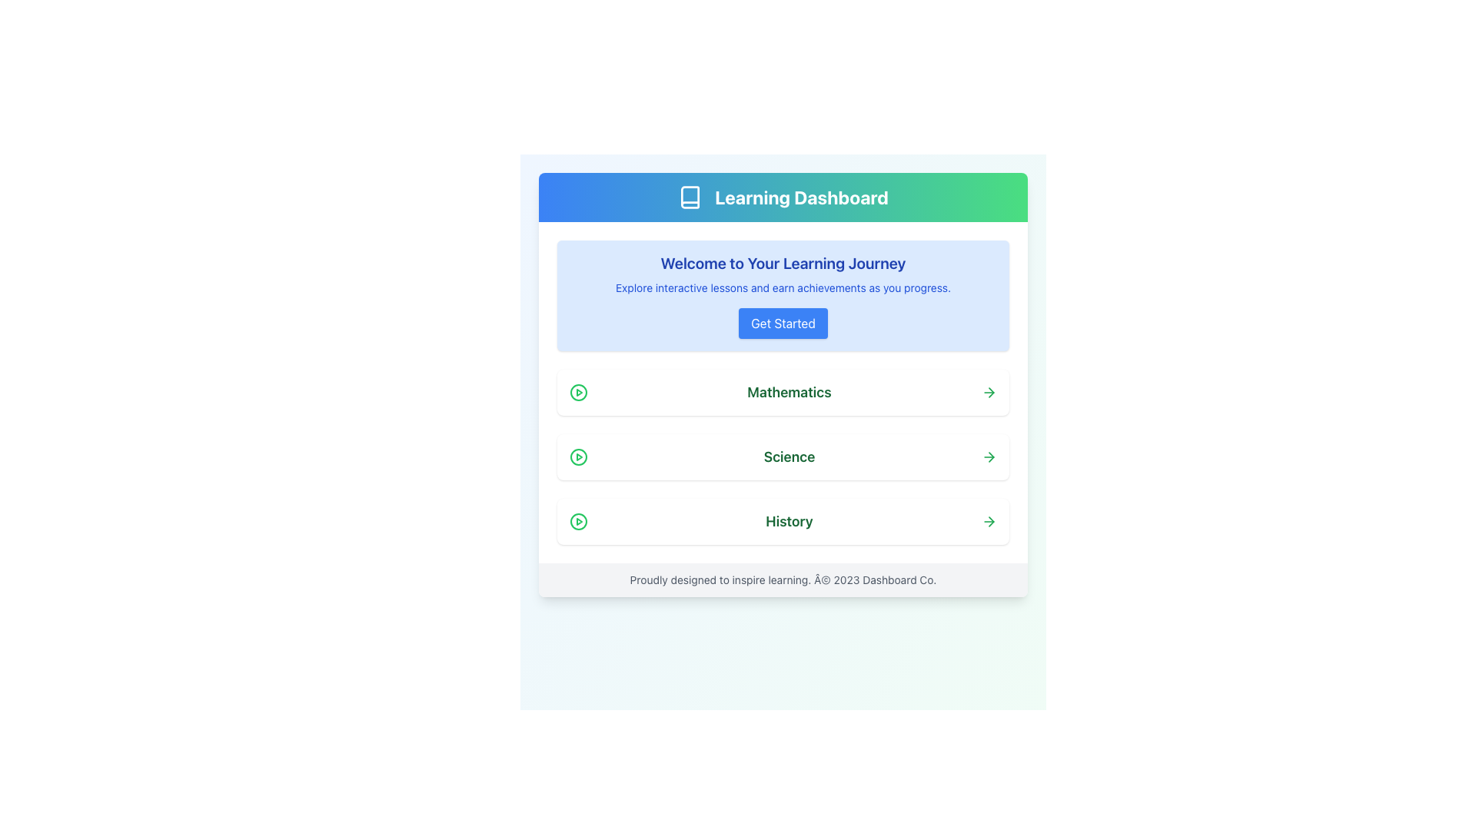 This screenshot has height=830, width=1476. What do you see at coordinates (783, 520) in the screenshot?
I see `the 'History' button, which is a rectangular button with a white background and green text, located in the 'Welcome to Your Learning Journey' section` at bounding box center [783, 520].